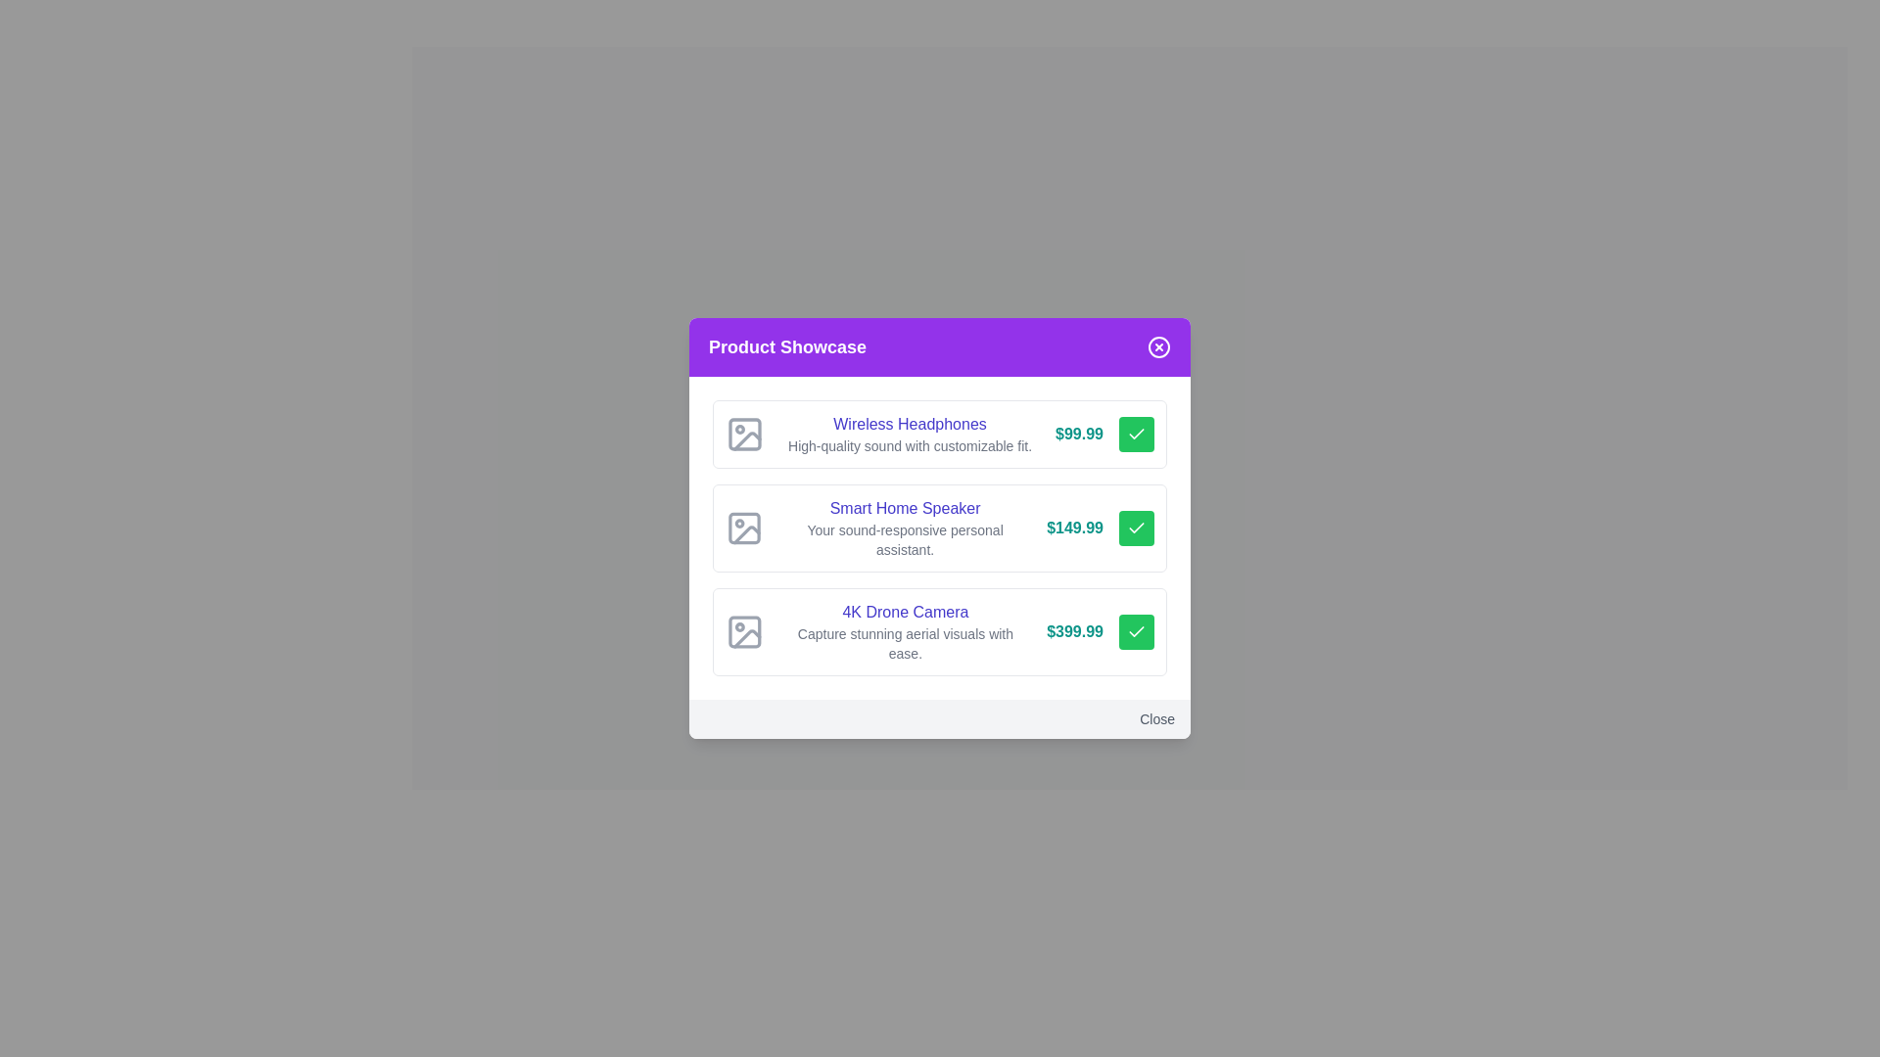  Describe the element at coordinates (744, 433) in the screenshot. I see `the icon resembling an image thumbnail with a square border, circle, and diagonal line, located to the left of the 'Wireless Headphones' text` at that location.